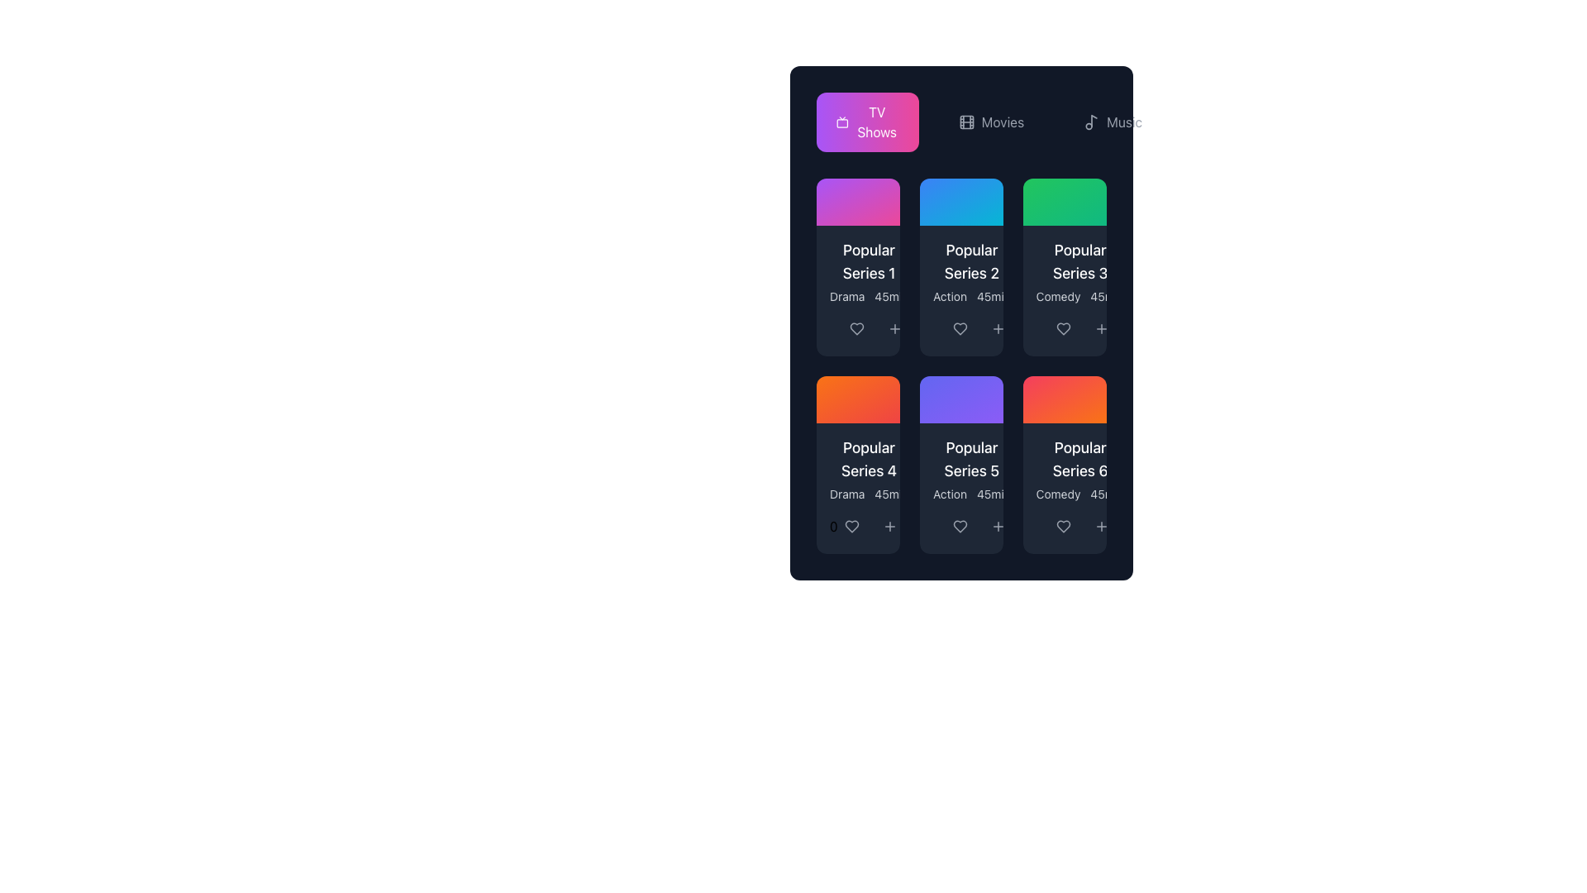 The image size is (1587, 893). I want to click on the decorative graphic element with a gradient background that occupies the upper section of the 'Popular Series 2' card in the second column of the grid layout, so click(961, 201).